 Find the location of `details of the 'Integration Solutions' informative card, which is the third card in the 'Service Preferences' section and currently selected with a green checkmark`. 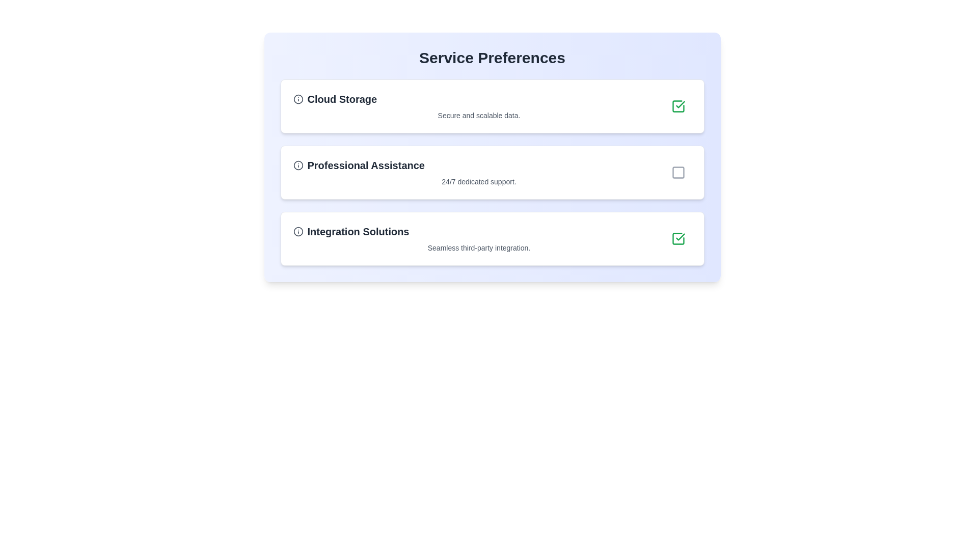

details of the 'Integration Solutions' informative card, which is the third card in the 'Service Preferences' section and currently selected with a green checkmark is located at coordinates (492, 239).